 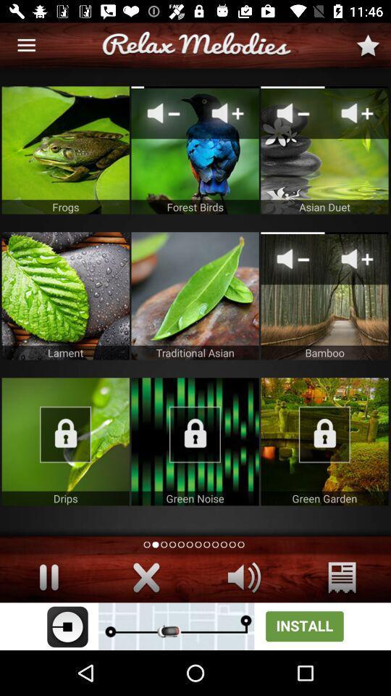 I want to click on traditional asian sound, so click(x=195, y=295).